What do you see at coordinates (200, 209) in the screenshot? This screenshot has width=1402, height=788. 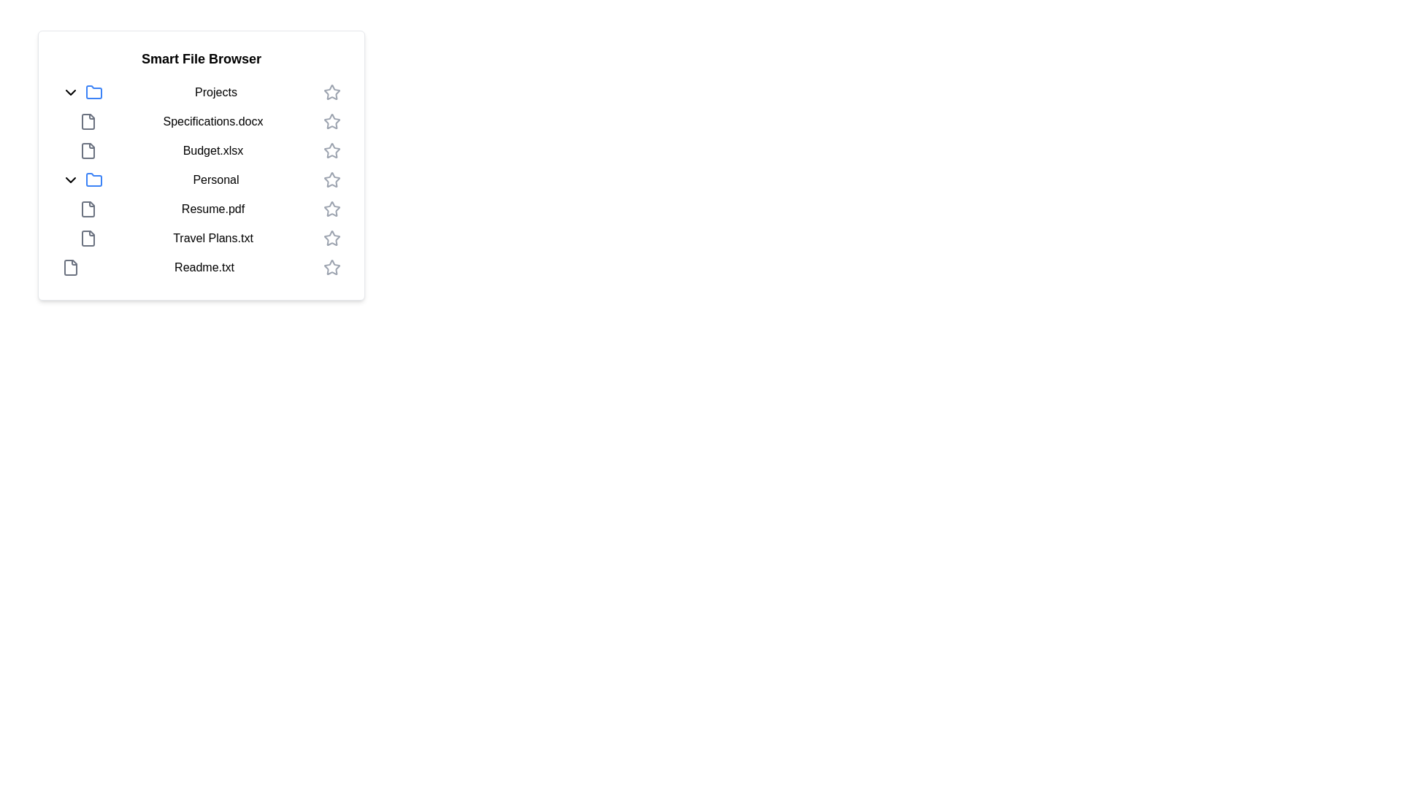 I see `the 'Resume.pdf' text label within the 'Personal' folder` at bounding box center [200, 209].